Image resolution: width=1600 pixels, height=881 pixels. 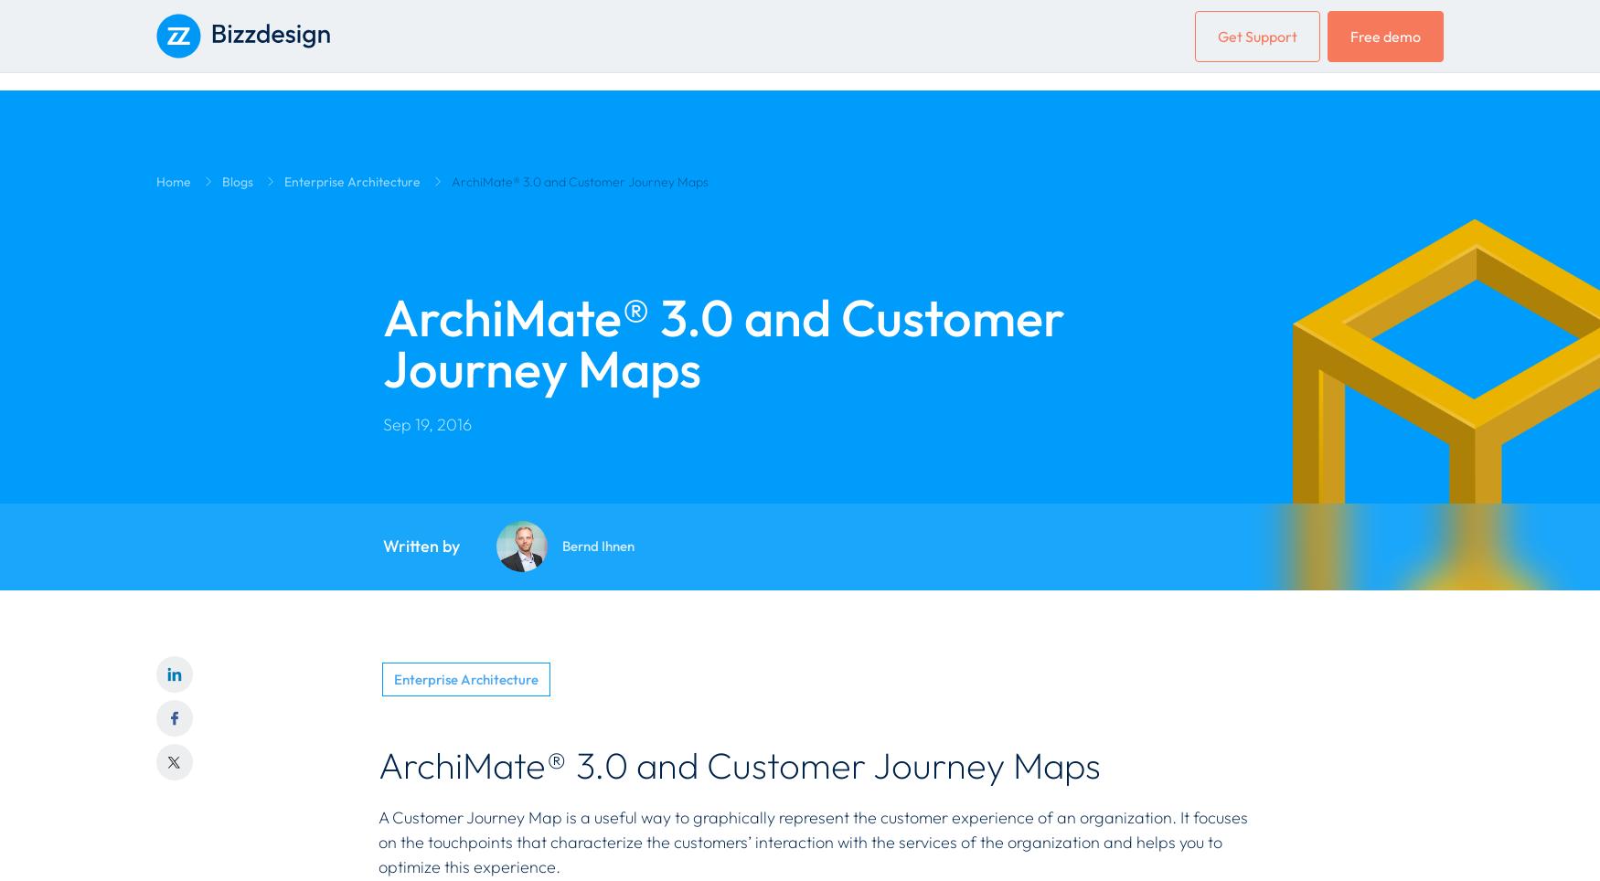 I want to click on 'Lifetime Success Services', so click(x=155, y=295).